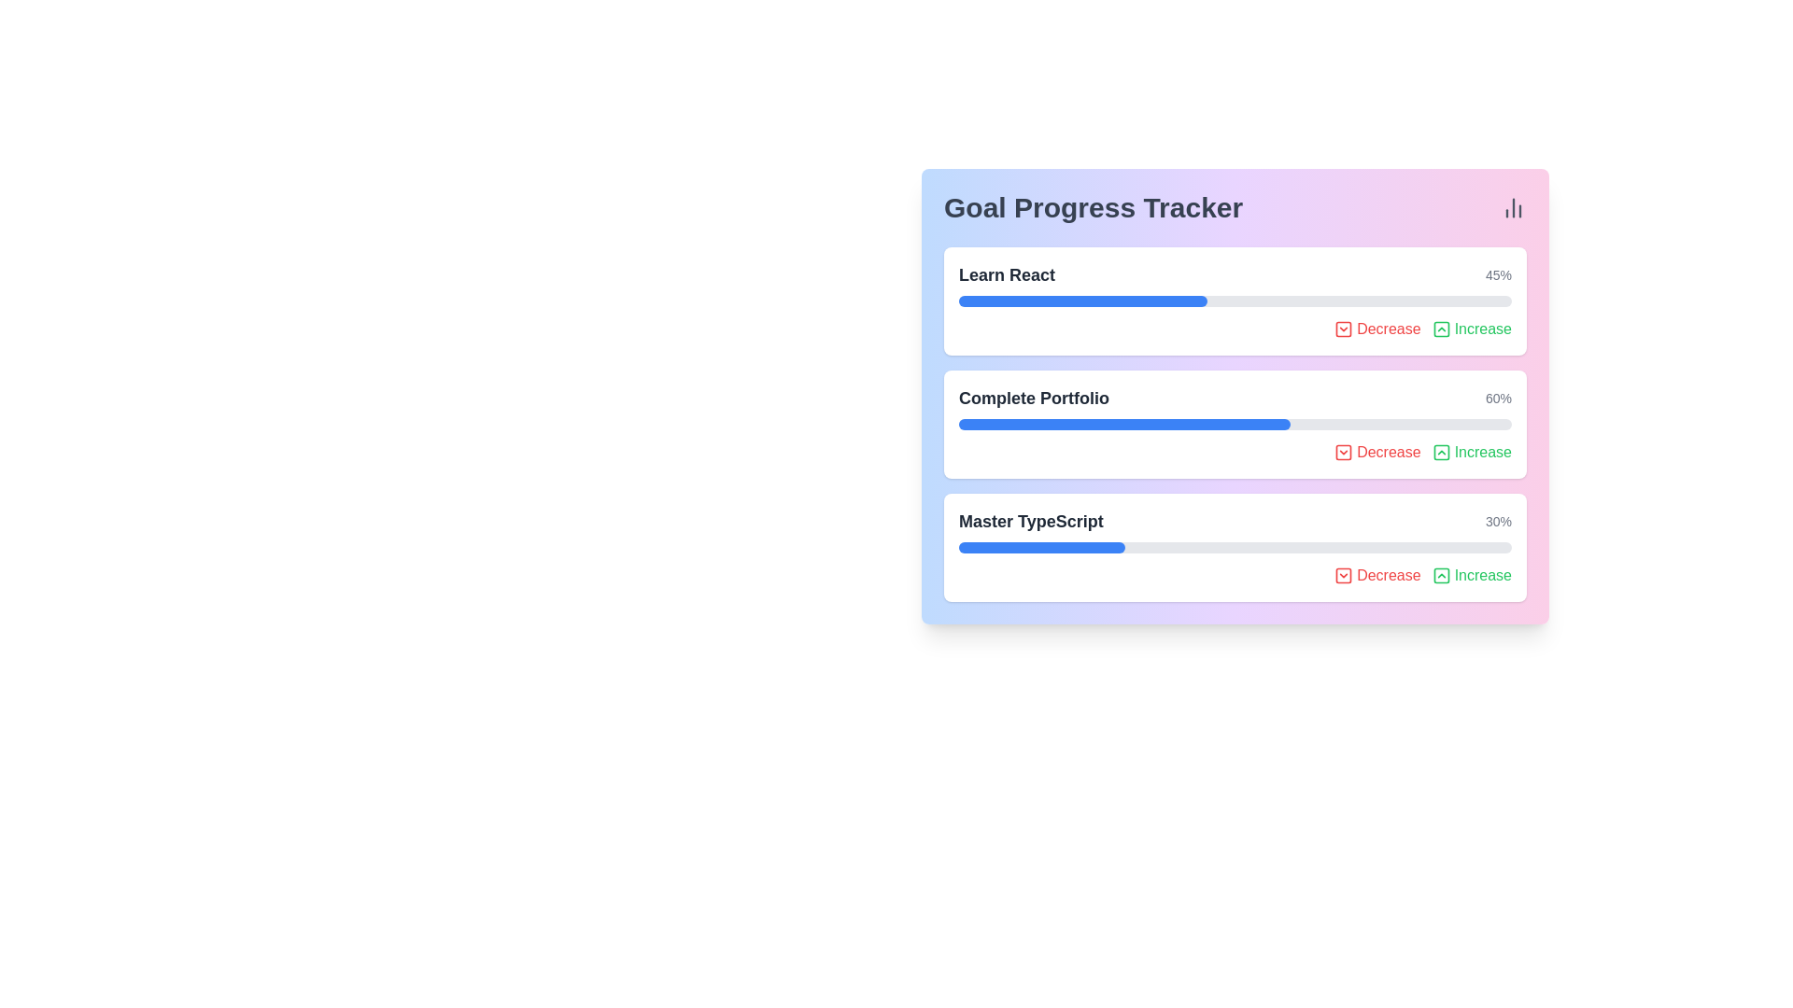 The image size is (1793, 1008). What do you see at coordinates (1471, 329) in the screenshot?
I see `the 'Increase' button, which is a clickable button with green text and an upward arrow icon, located at the far-right side of the second row in a list of progress items` at bounding box center [1471, 329].